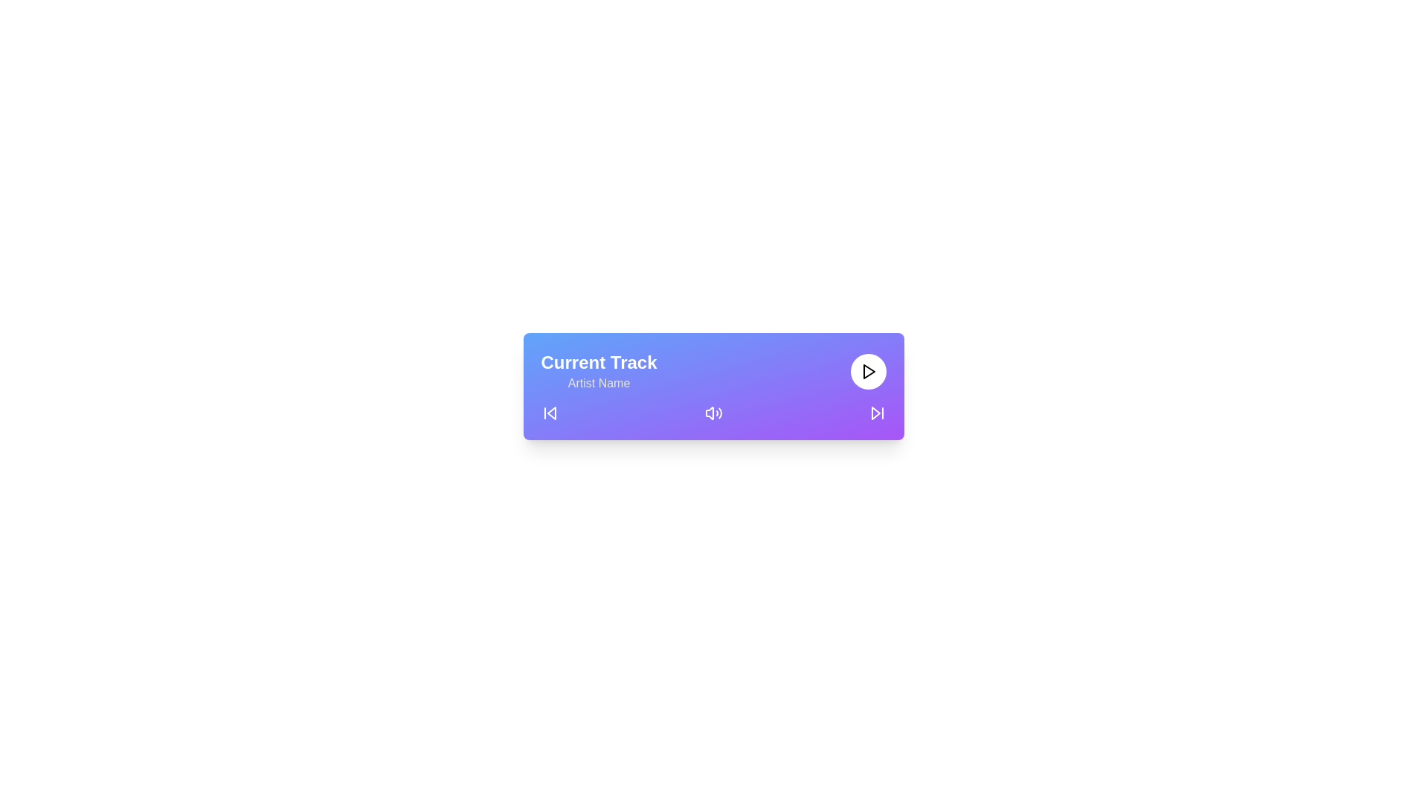 The width and height of the screenshot is (1428, 803). What do you see at coordinates (868, 371) in the screenshot?
I see `the play button, which is a triangular icon inside a circular button on the rightmost side of the toolbar in the music player interface` at bounding box center [868, 371].